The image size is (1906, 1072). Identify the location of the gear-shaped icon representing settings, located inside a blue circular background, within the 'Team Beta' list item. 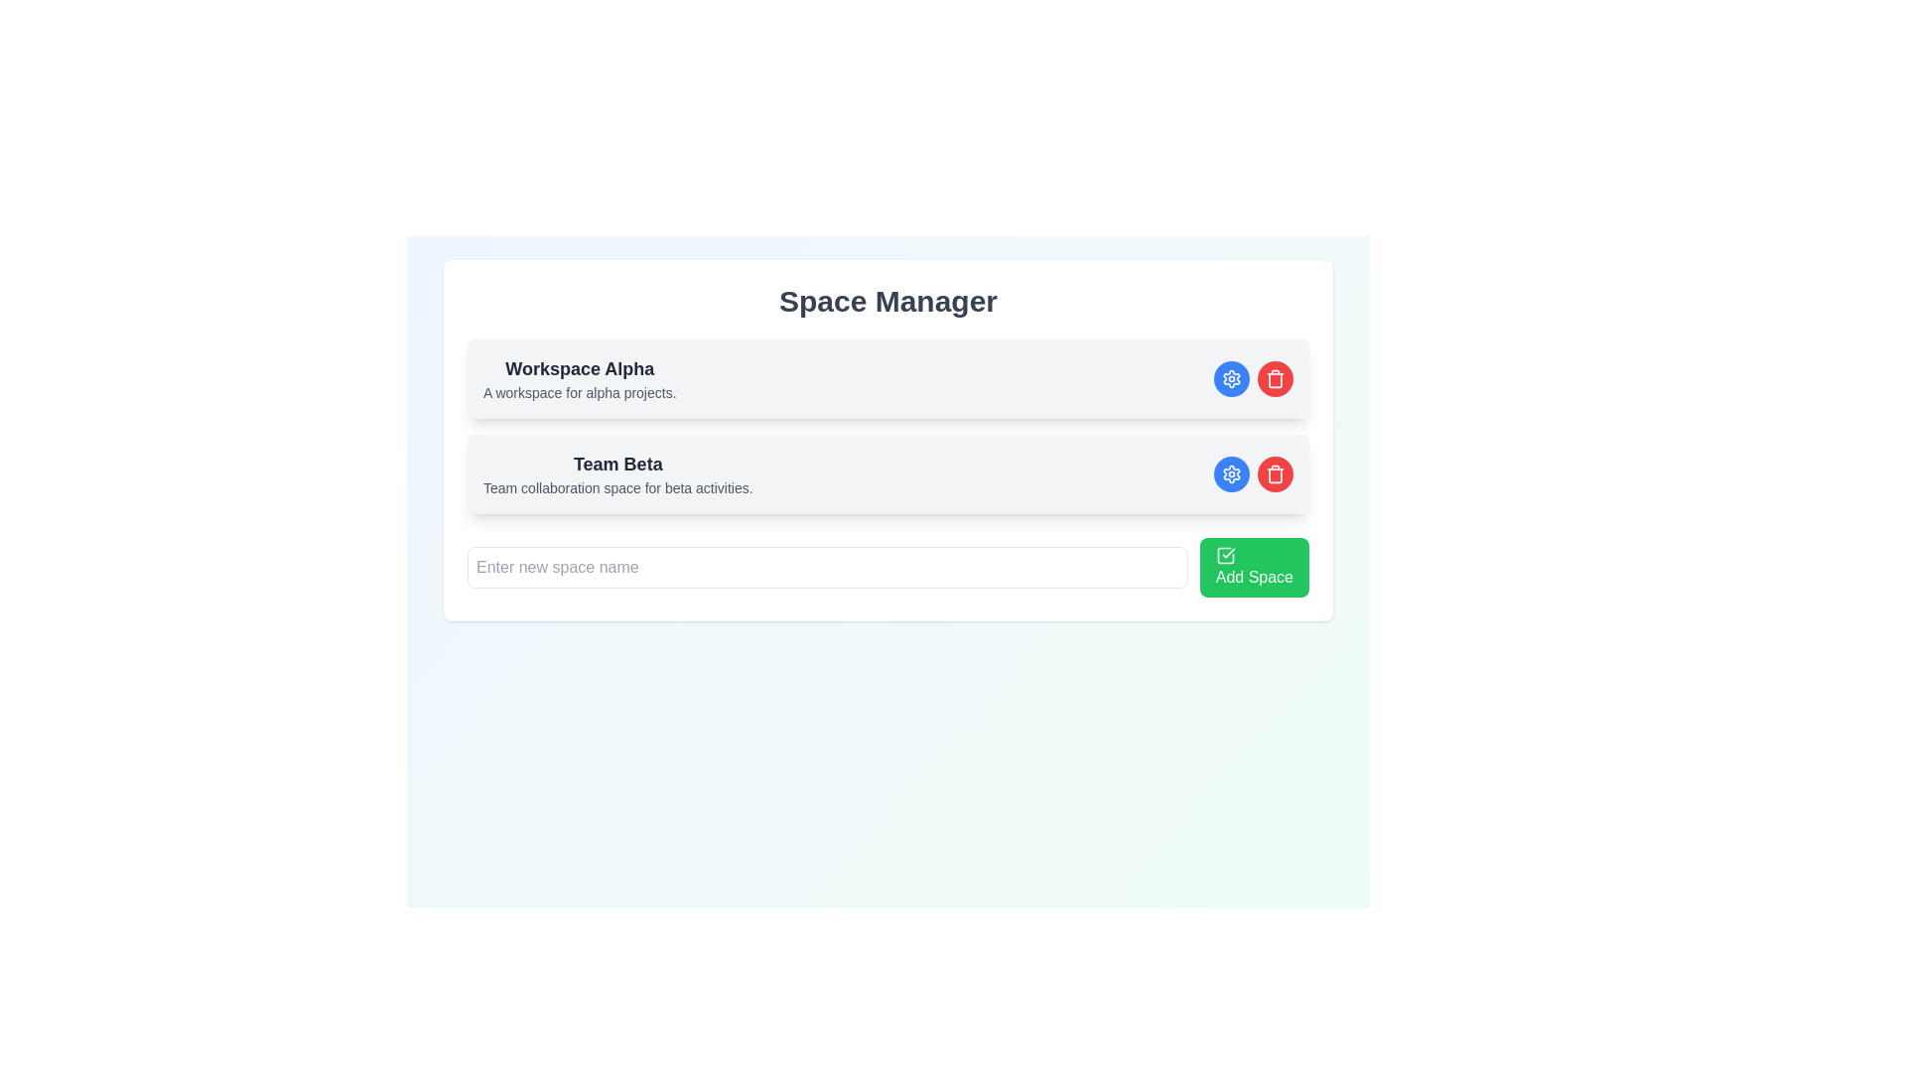
(1231, 474).